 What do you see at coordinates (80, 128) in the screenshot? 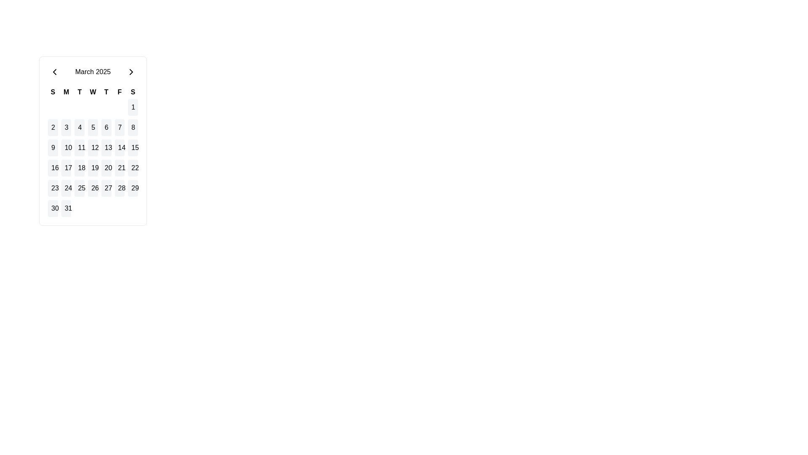
I see `the button displaying the number '4' in the numeric grid under 'March 2025'` at bounding box center [80, 128].